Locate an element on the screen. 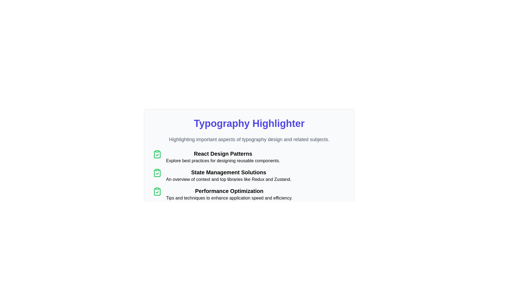 This screenshot has height=296, width=527. text label displaying 'An overview of context and top libraries like Redux and Zustand.' which is located below the heading 'State Management Solutions' is located at coordinates (229, 180).